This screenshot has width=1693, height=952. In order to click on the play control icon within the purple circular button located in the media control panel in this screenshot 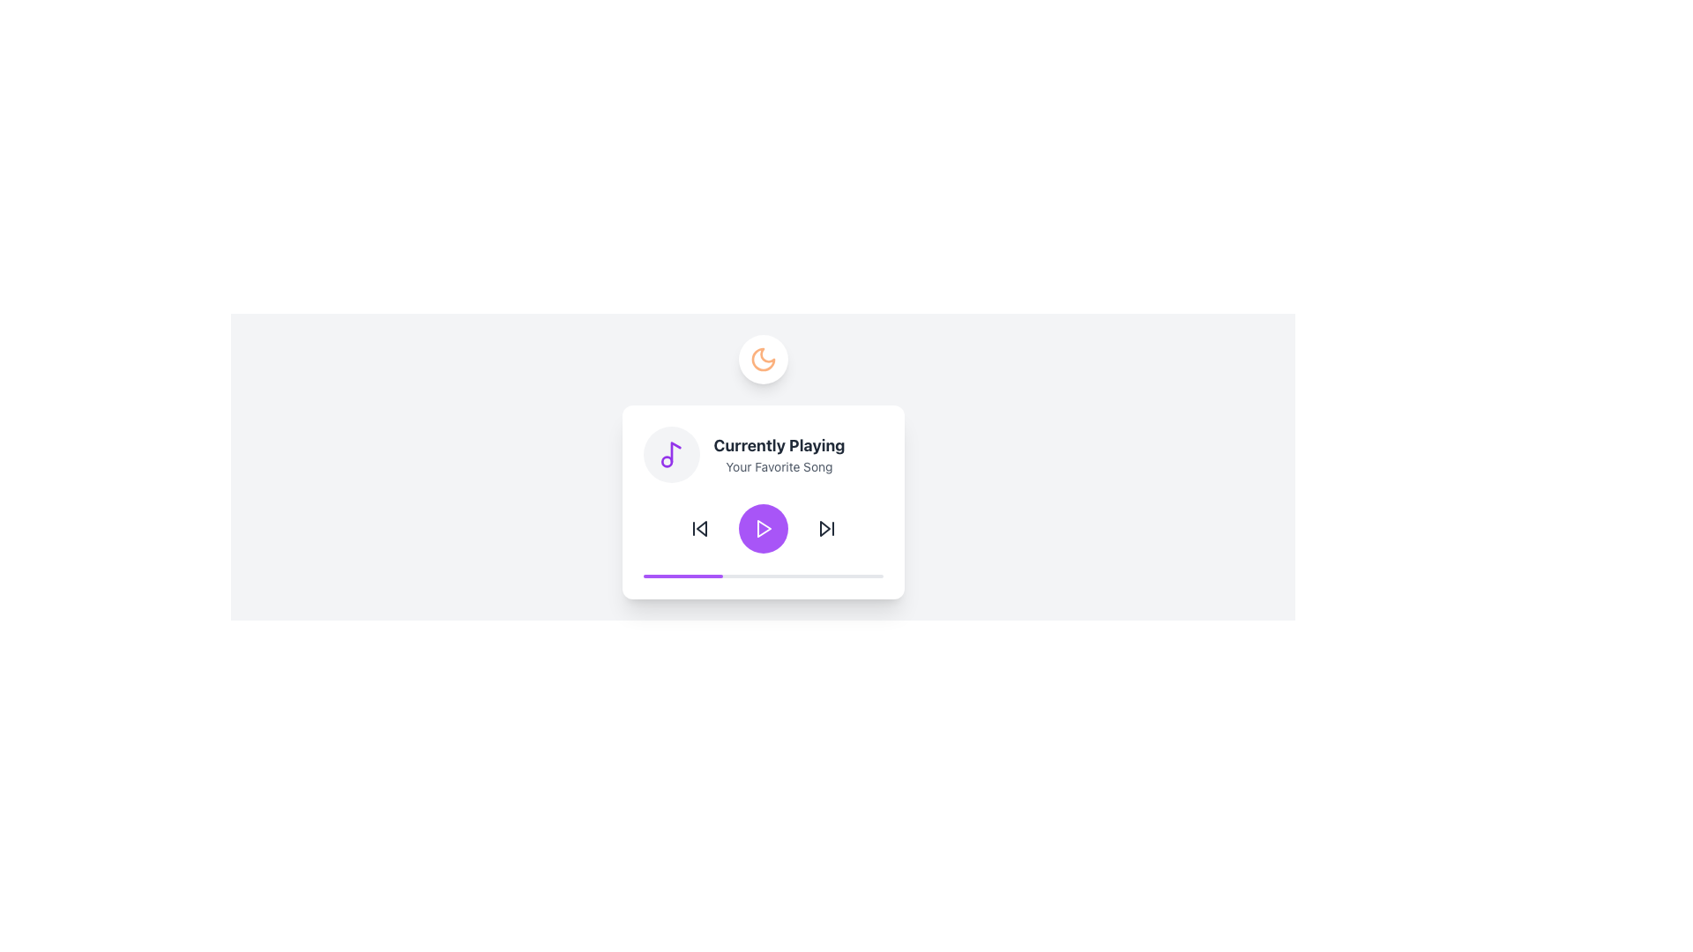, I will do `click(764, 528)`.